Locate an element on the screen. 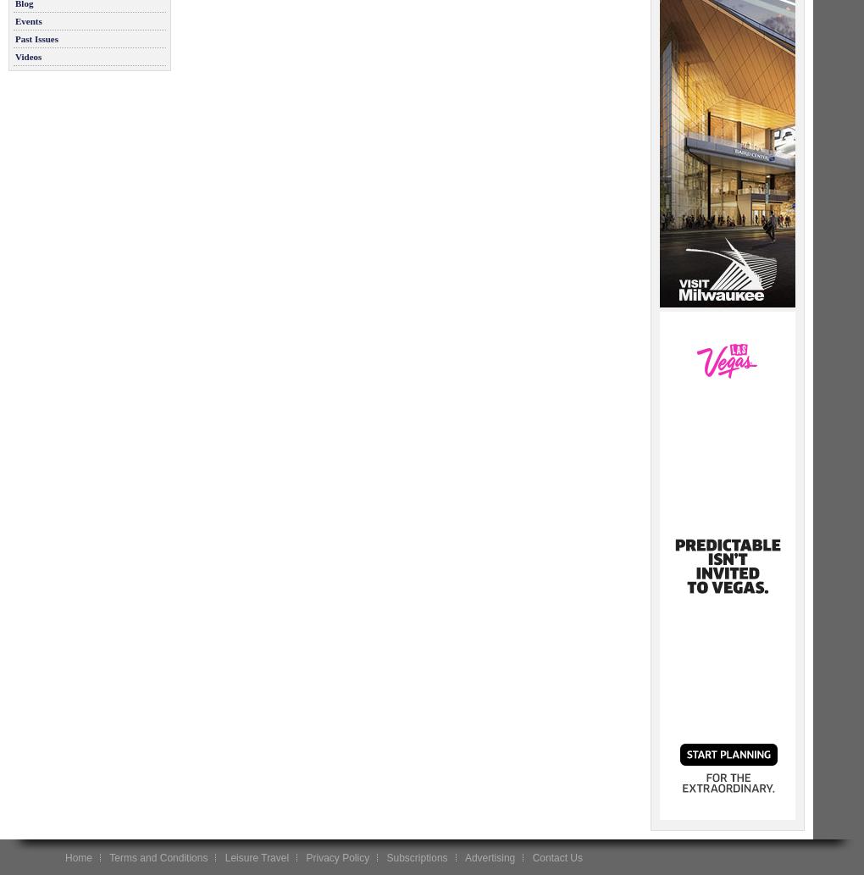 This screenshot has height=875, width=864. 'Privacy Policy' is located at coordinates (304, 856).